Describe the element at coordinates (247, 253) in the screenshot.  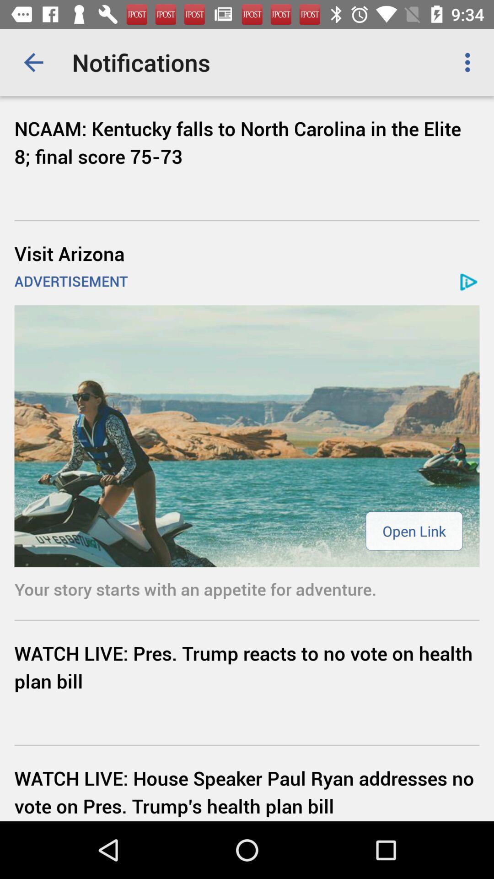
I see `icon above the advertisement icon` at that location.